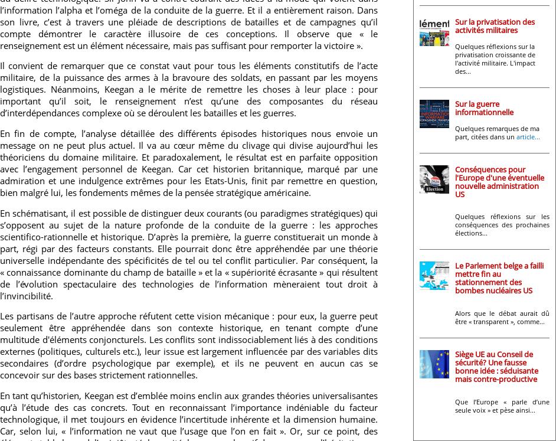  What do you see at coordinates (188, 253) in the screenshot?
I see `'En schématisant, il est possible de distinguer deux courants (ou paradigmes stratégiques) qui s’opposent au sujet de la nature profonde de la conduite de la guerre : les approches scientifico-rationnelle et historique. D’après la première, la guerre constituerait un monde à part, régi par des facteurs constants. Elle pourrait donc être appréhendée par une théorie universelle indépendante des spécificités de tel ou tel conflit particulier. Par conséquent, la « connaissance dominante du champ de bataille » et la « supériorité écrasante » qui résultent de l’évolution spectaculaire des technologies de l’information mèneraient tout droit à l’invincibilité.'` at bounding box center [188, 253].